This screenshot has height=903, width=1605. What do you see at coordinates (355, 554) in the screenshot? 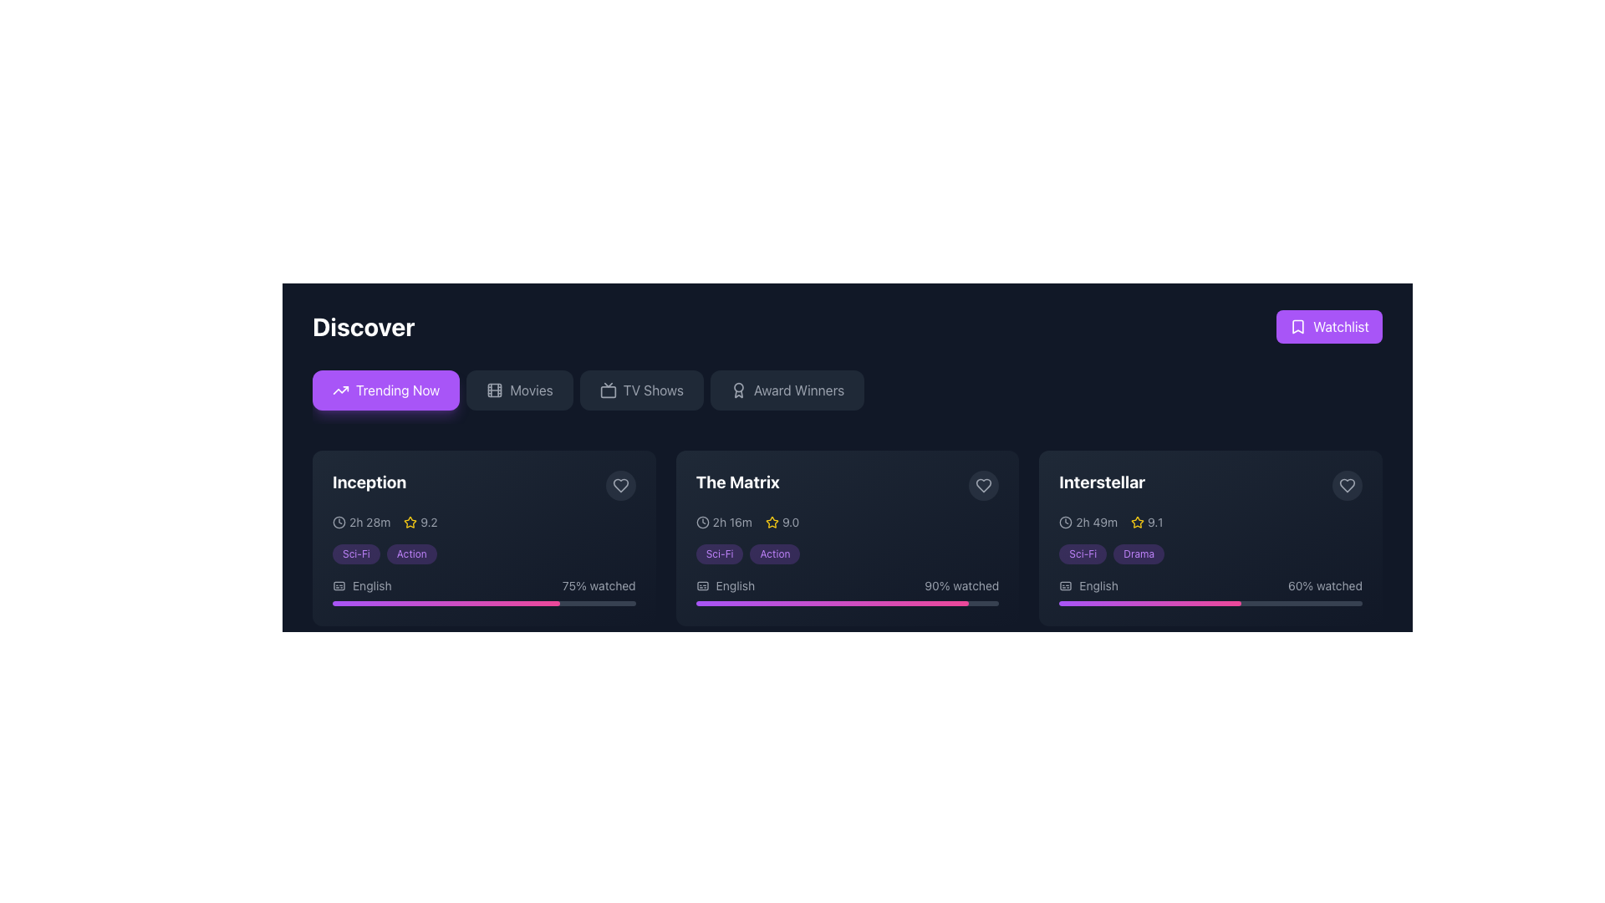
I see `the genre label for the movie 'Inception' located in the 'Discover' section, which is positioned to the left of the 'Action' label` at bounding box center [355, 554].